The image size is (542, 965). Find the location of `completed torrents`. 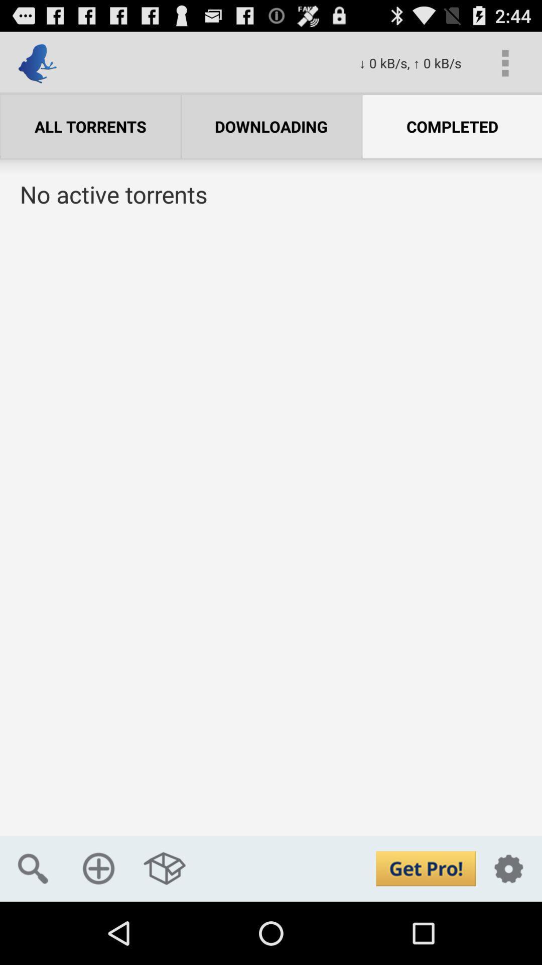

completed torrents is located at coordinates (271, 532).